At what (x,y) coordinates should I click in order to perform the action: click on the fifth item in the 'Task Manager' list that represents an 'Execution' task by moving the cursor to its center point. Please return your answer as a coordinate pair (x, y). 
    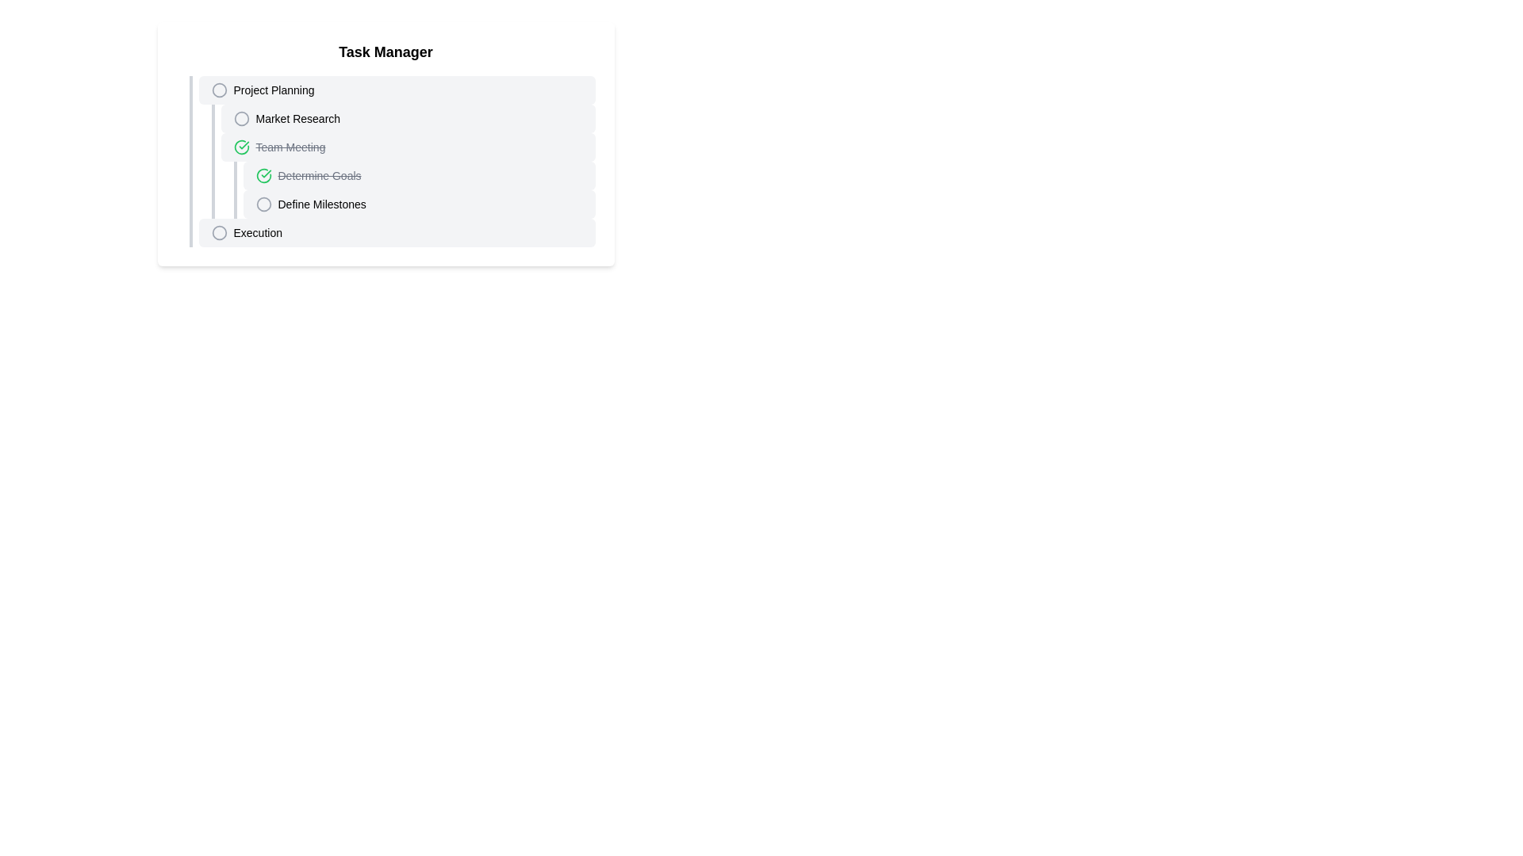
    Looking at the image, I should click on (397, 232).